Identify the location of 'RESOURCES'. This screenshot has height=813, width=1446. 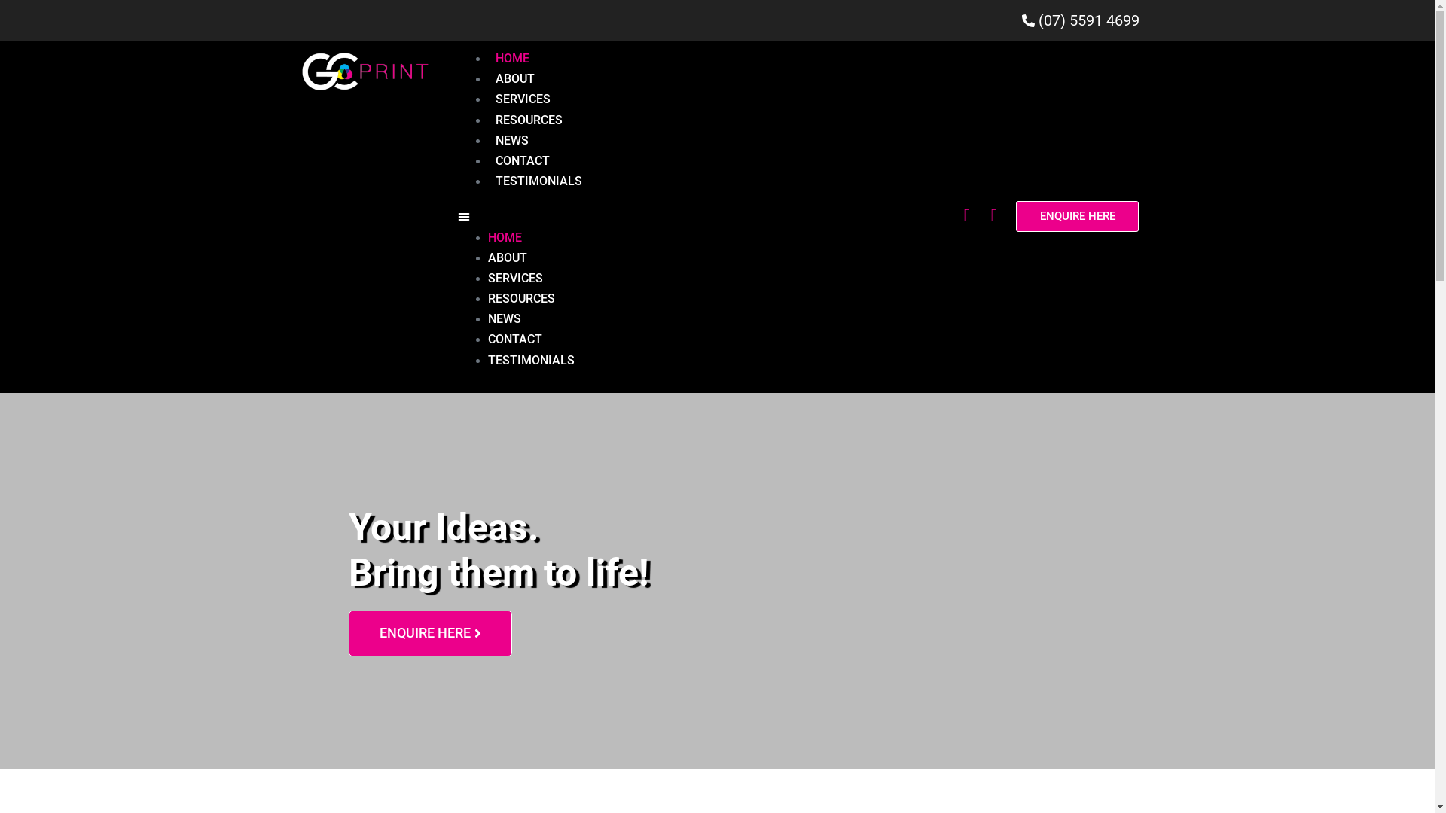
(529, 119).